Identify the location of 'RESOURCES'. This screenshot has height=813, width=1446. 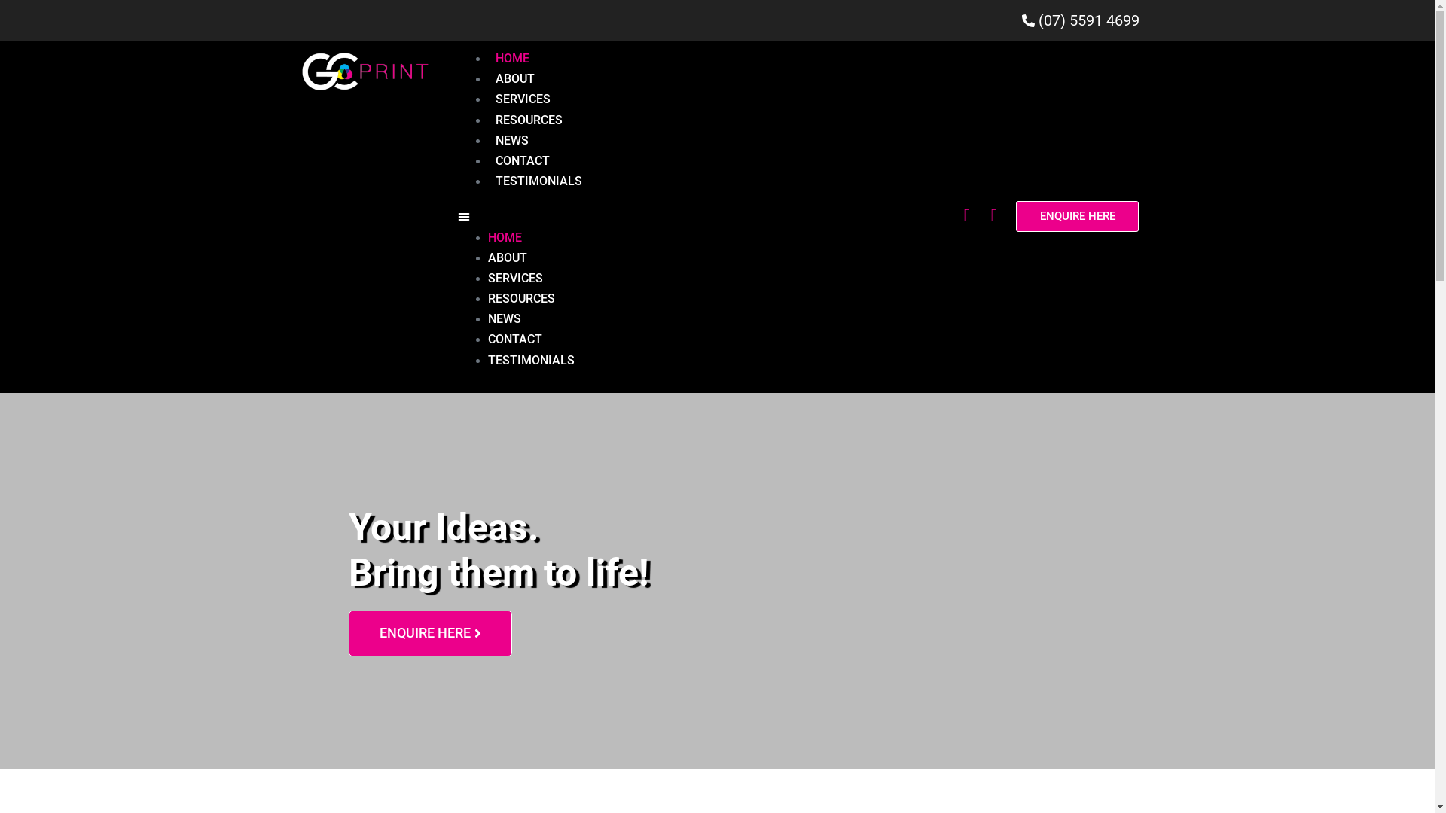
(529, 119).